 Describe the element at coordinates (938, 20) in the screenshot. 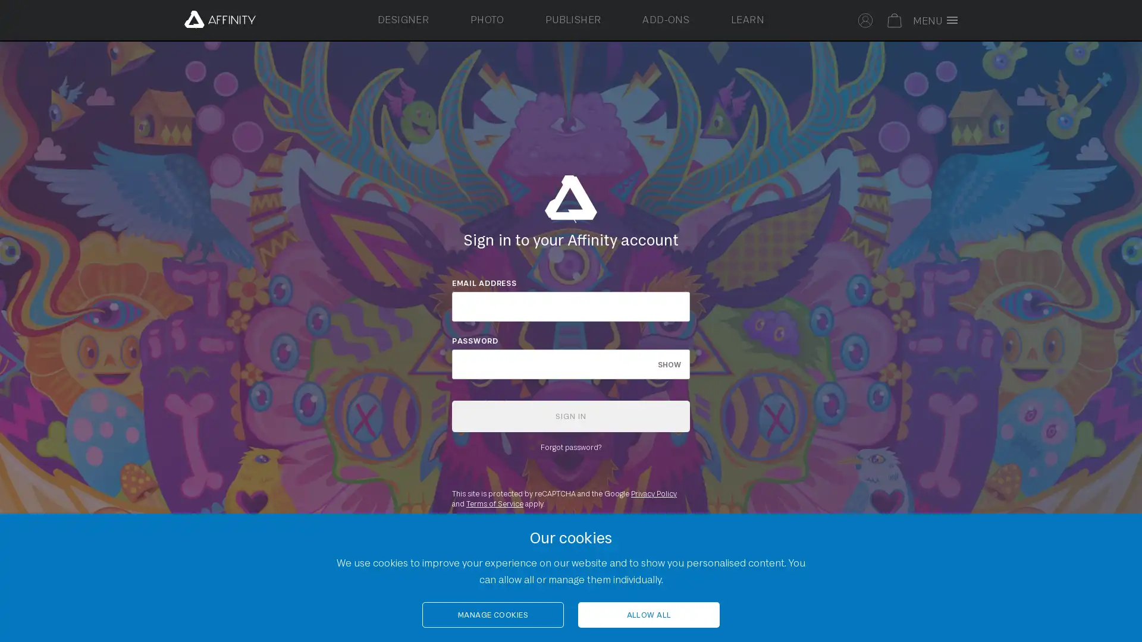

I see `Toggle full screen menu` at that location.